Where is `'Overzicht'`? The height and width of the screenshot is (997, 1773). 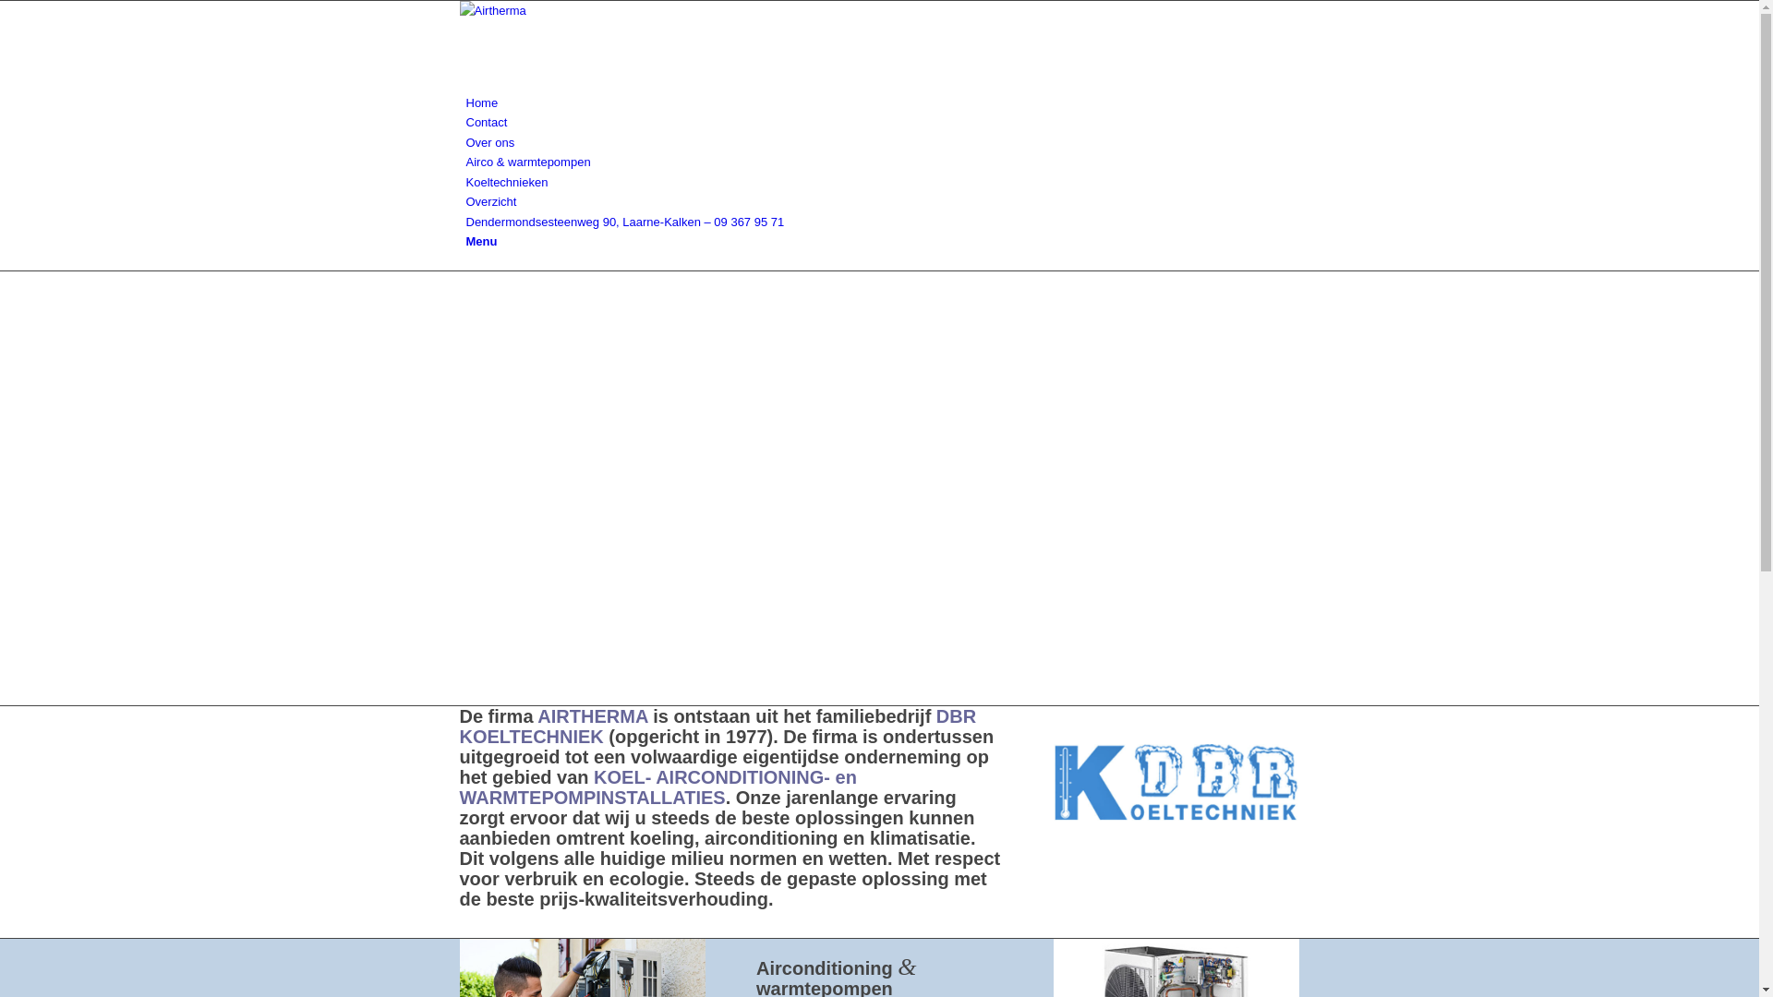 'Overzicht' is located at coordinates (490, 201).